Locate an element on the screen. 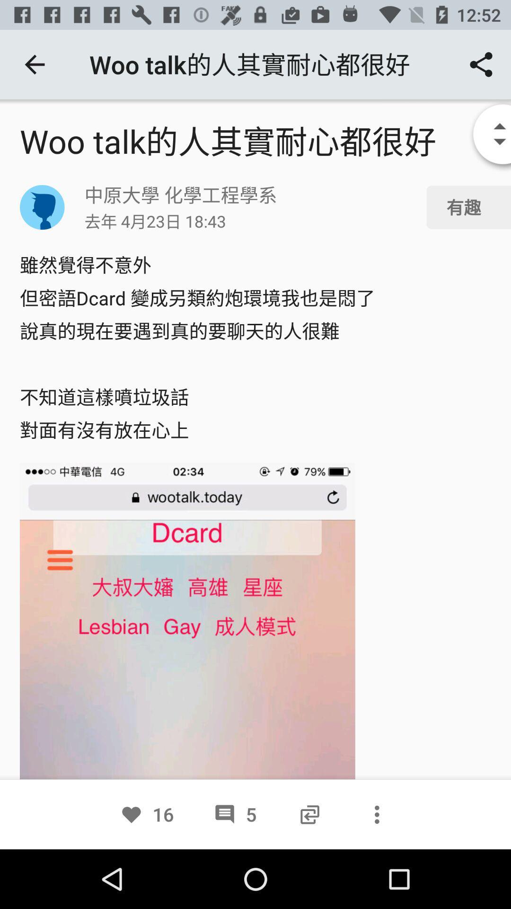 This screenshot has width=511, height=909. the 16 icon is located at coordinates (147, 814).